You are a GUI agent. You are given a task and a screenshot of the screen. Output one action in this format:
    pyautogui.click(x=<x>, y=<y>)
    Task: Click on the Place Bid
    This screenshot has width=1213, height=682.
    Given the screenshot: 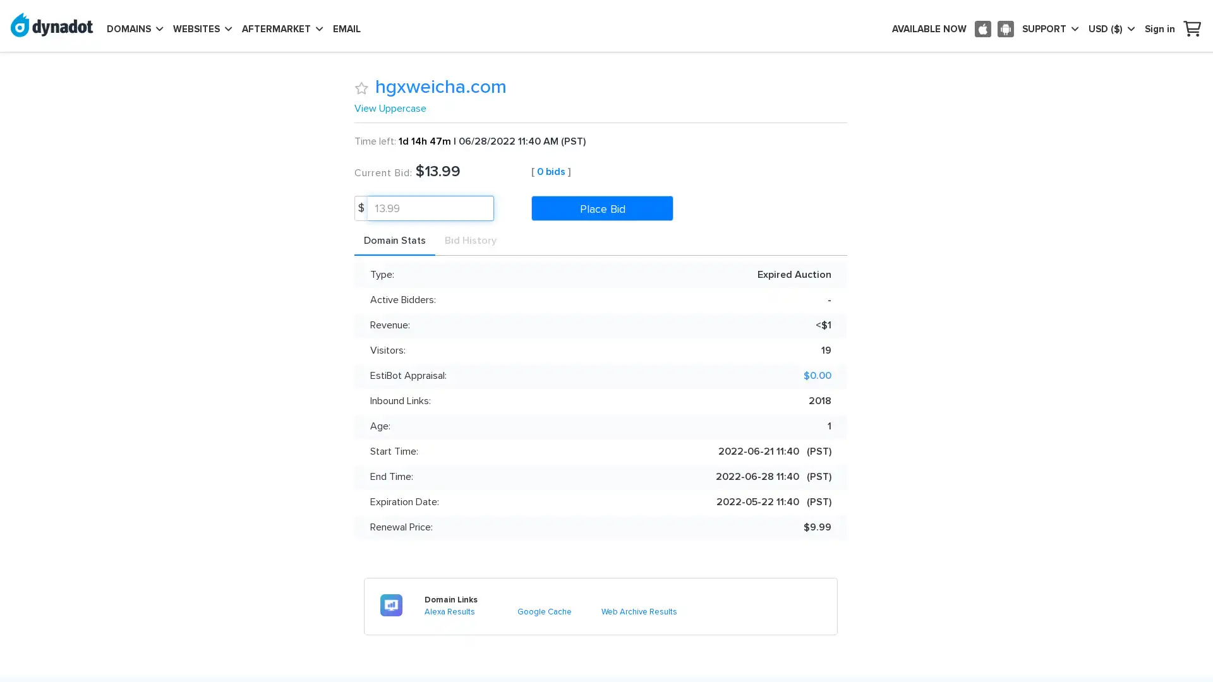 What is the action you would take?
    pyautogui.click(x=601, y=206)
    